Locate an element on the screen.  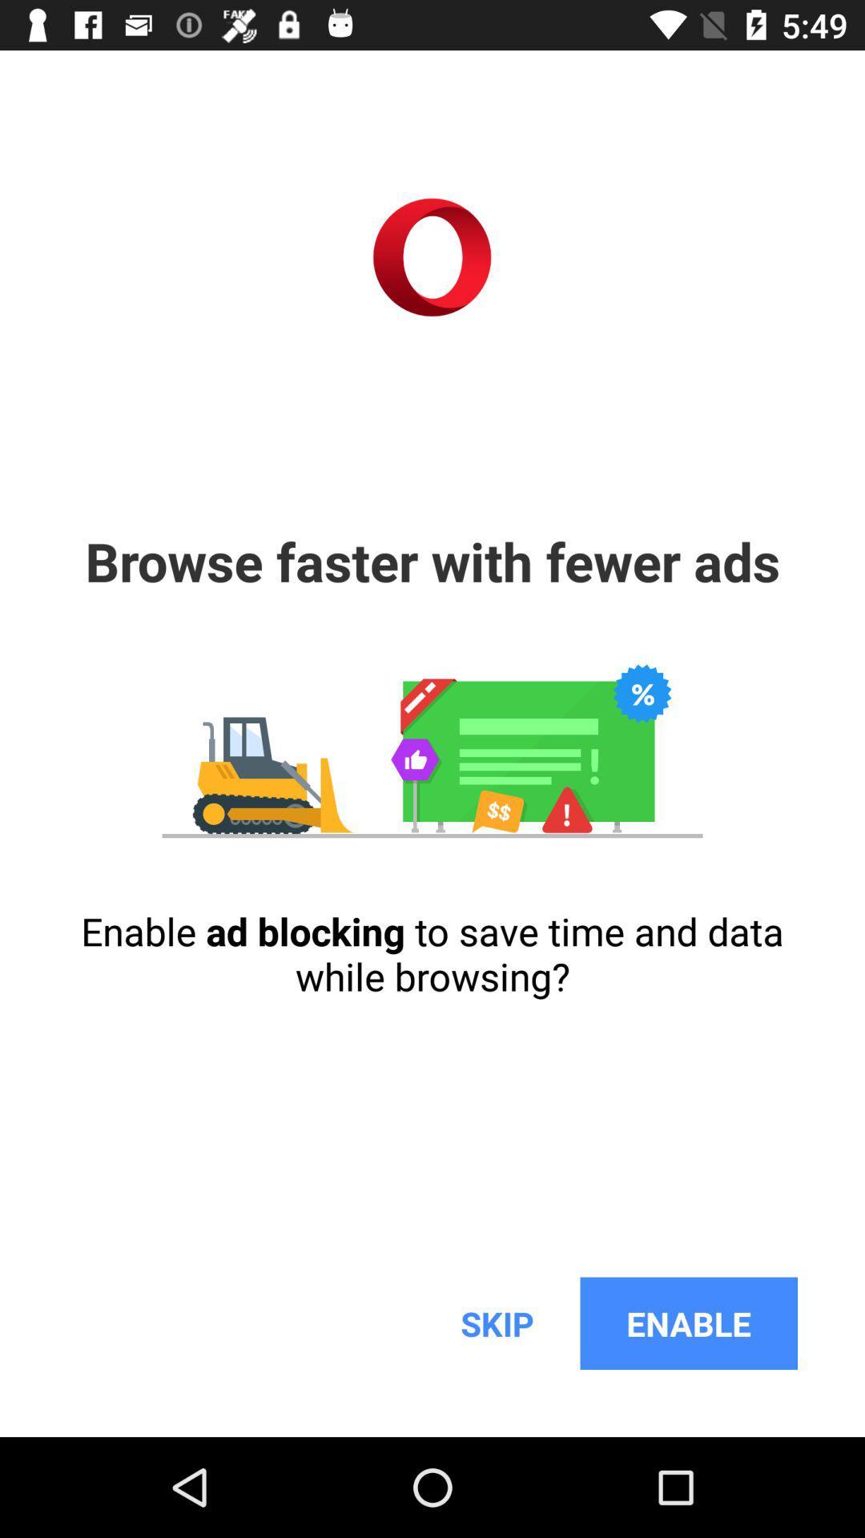
skip is located at coordinates (497, 1323).